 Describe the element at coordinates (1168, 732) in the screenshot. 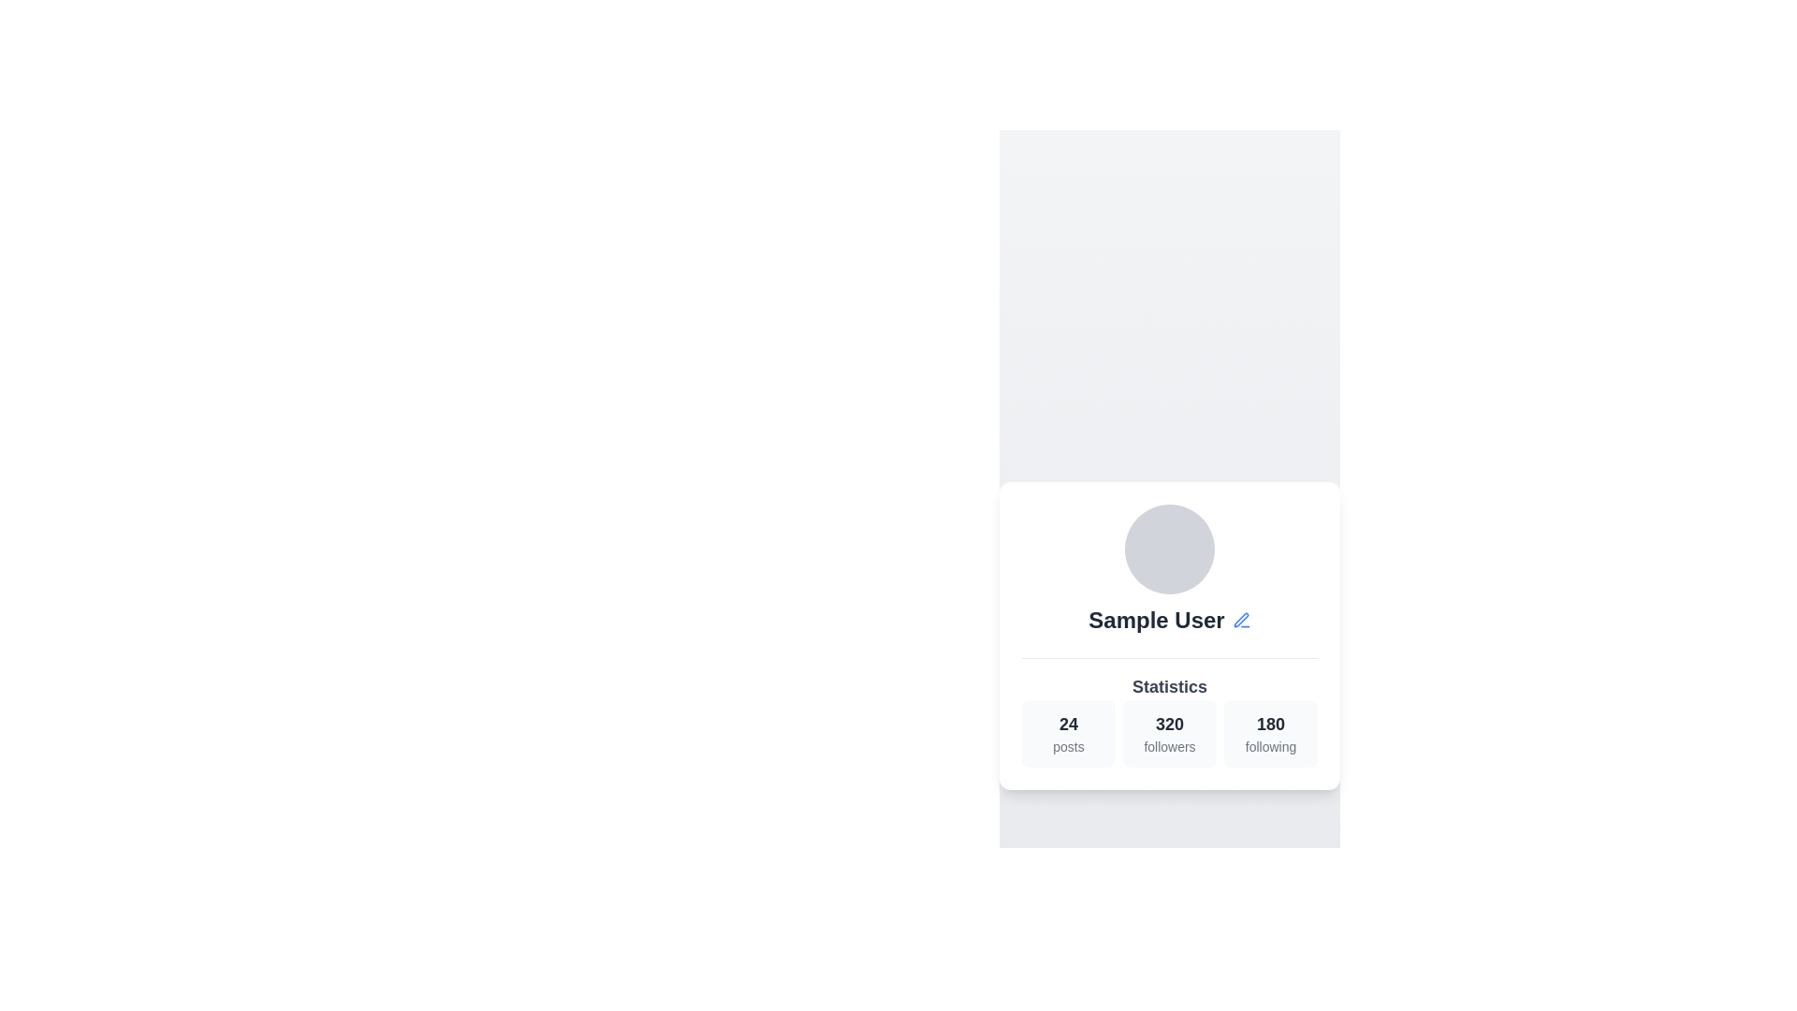

I see `the Information Display Card that displays the number of followers associated with the user profile, located in the middle of three cards under the 'Statistics' heading` at that location.